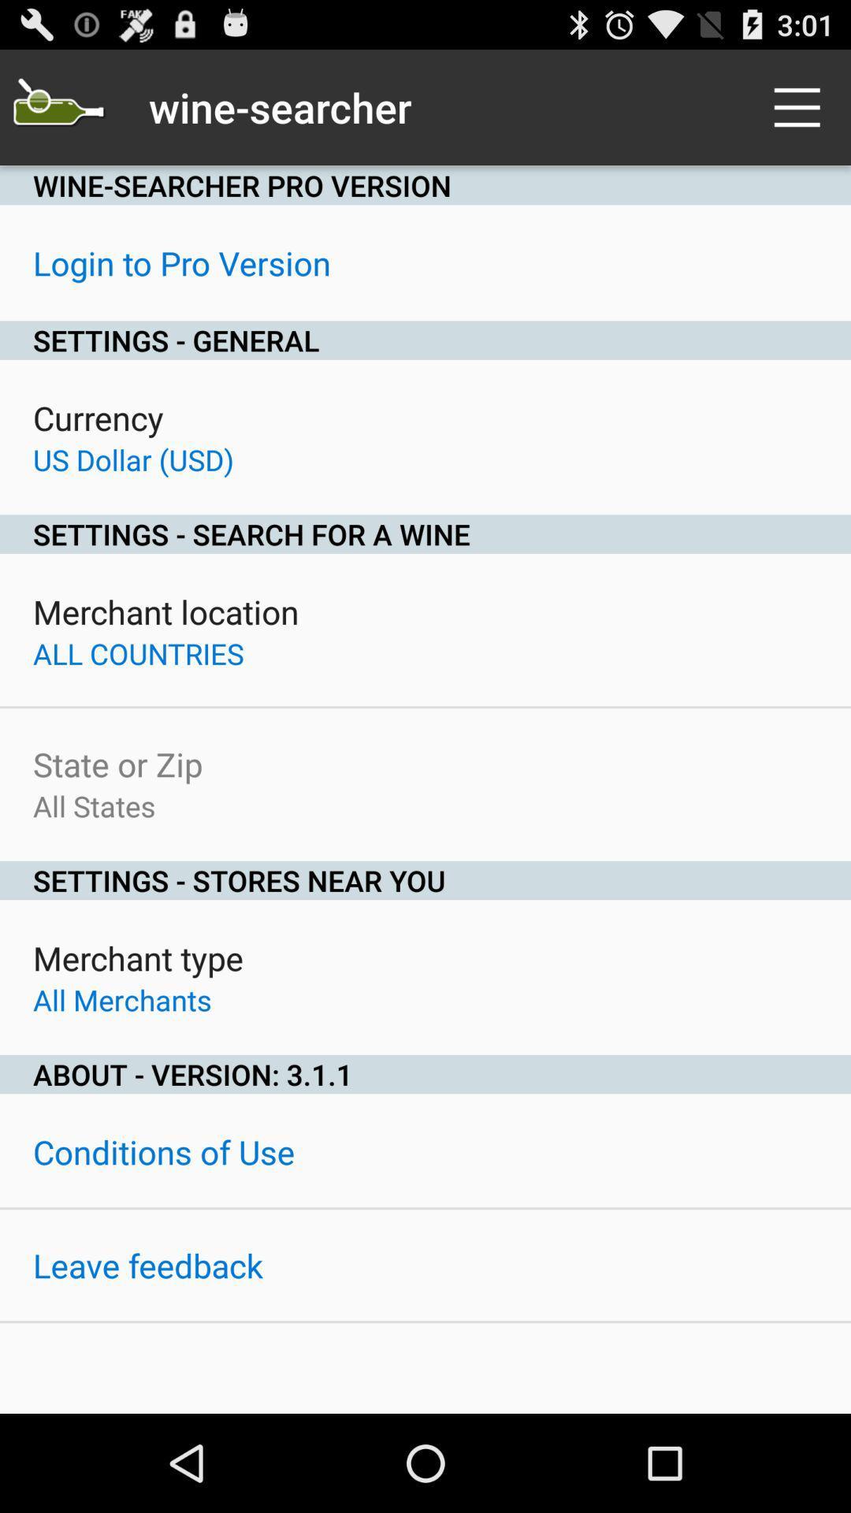 The image size is (851, 1513). What do you see at coordinates (801, 106) in the screenshot?
I see `icon at the top right corner` at bounding box center [801, 106].